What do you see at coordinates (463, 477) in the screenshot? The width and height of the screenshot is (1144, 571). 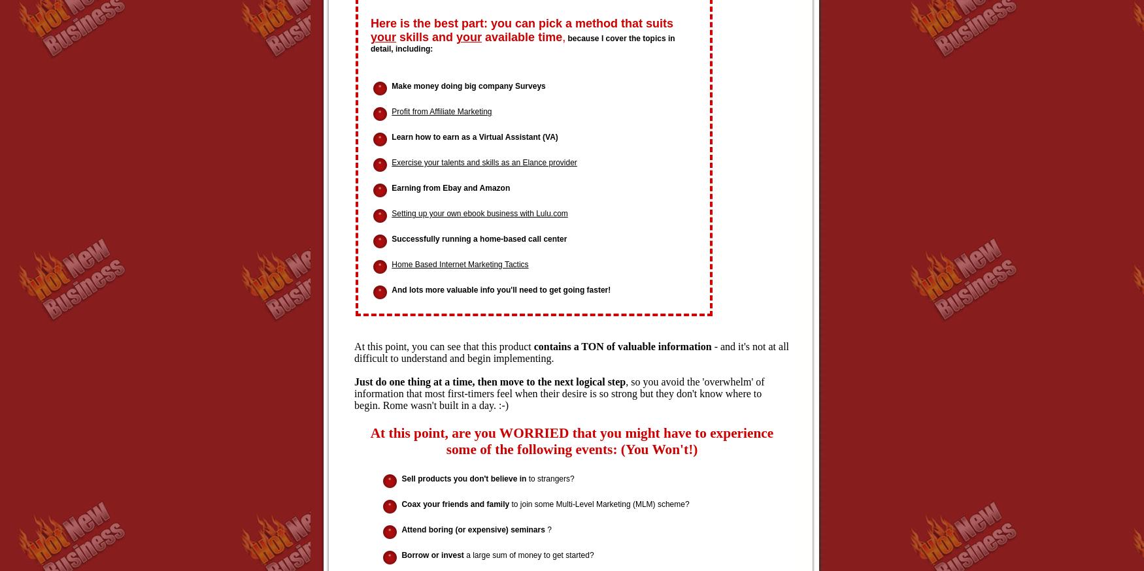 I see `'Sell products you don't believe in'` at bounding box center [463, 477].